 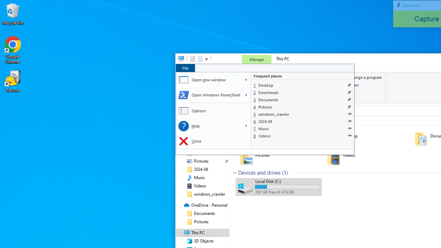 What do you see at coordinates (302, 128) in the screenshot?
I see `'Music'` at bounding box center [302, 128].